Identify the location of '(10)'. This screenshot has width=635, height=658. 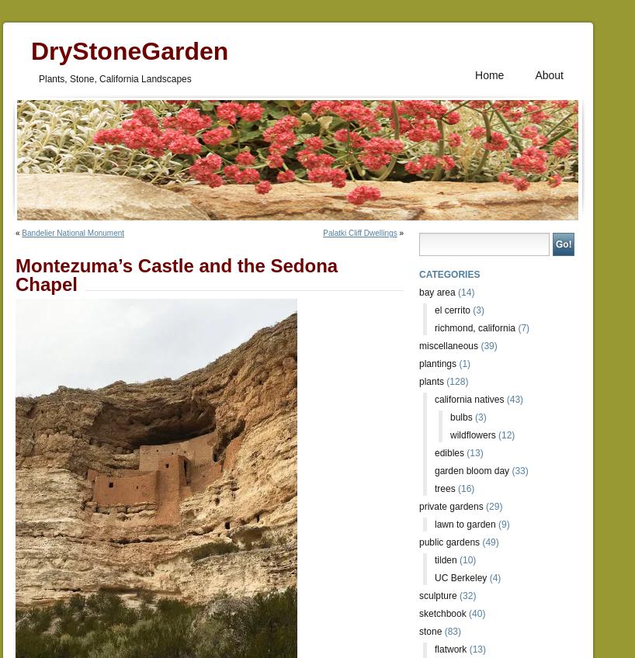
(465, 559).